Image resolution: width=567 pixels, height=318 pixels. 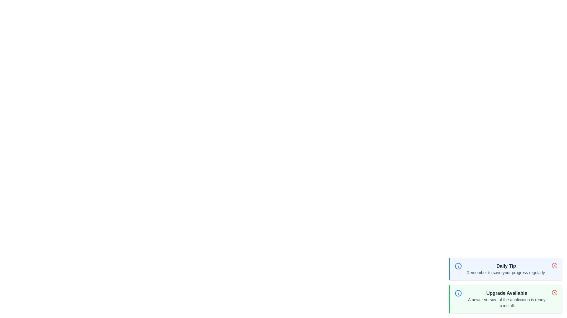 What do you see at coordinates (554, 266) in the screenshot?
I see `the close button of the notification titled Daily Tip` at bounding box center [554, 266].